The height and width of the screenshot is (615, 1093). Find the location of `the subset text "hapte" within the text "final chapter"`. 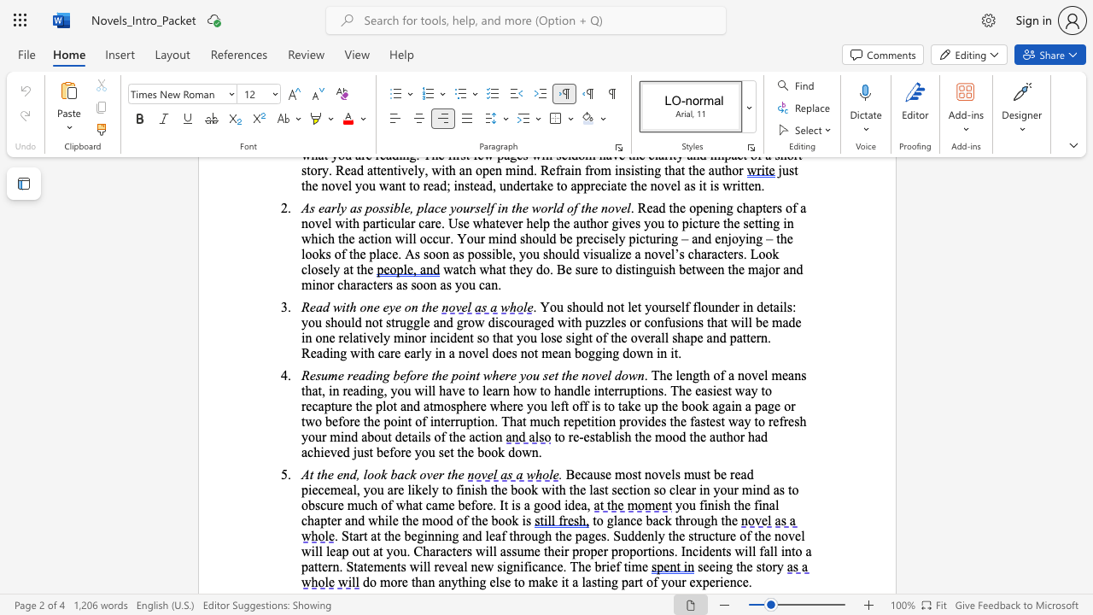

the subset text "hapte" within the text "final chapter" is located at coordinates (307, 519).